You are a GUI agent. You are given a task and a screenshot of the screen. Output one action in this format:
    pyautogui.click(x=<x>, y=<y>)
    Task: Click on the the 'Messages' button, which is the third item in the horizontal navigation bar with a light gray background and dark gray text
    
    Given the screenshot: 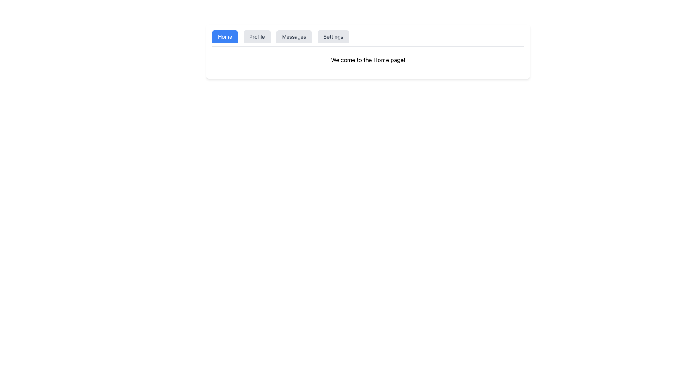 What is the action you would take?
    pyautogui.click(x=294, y=36)
    